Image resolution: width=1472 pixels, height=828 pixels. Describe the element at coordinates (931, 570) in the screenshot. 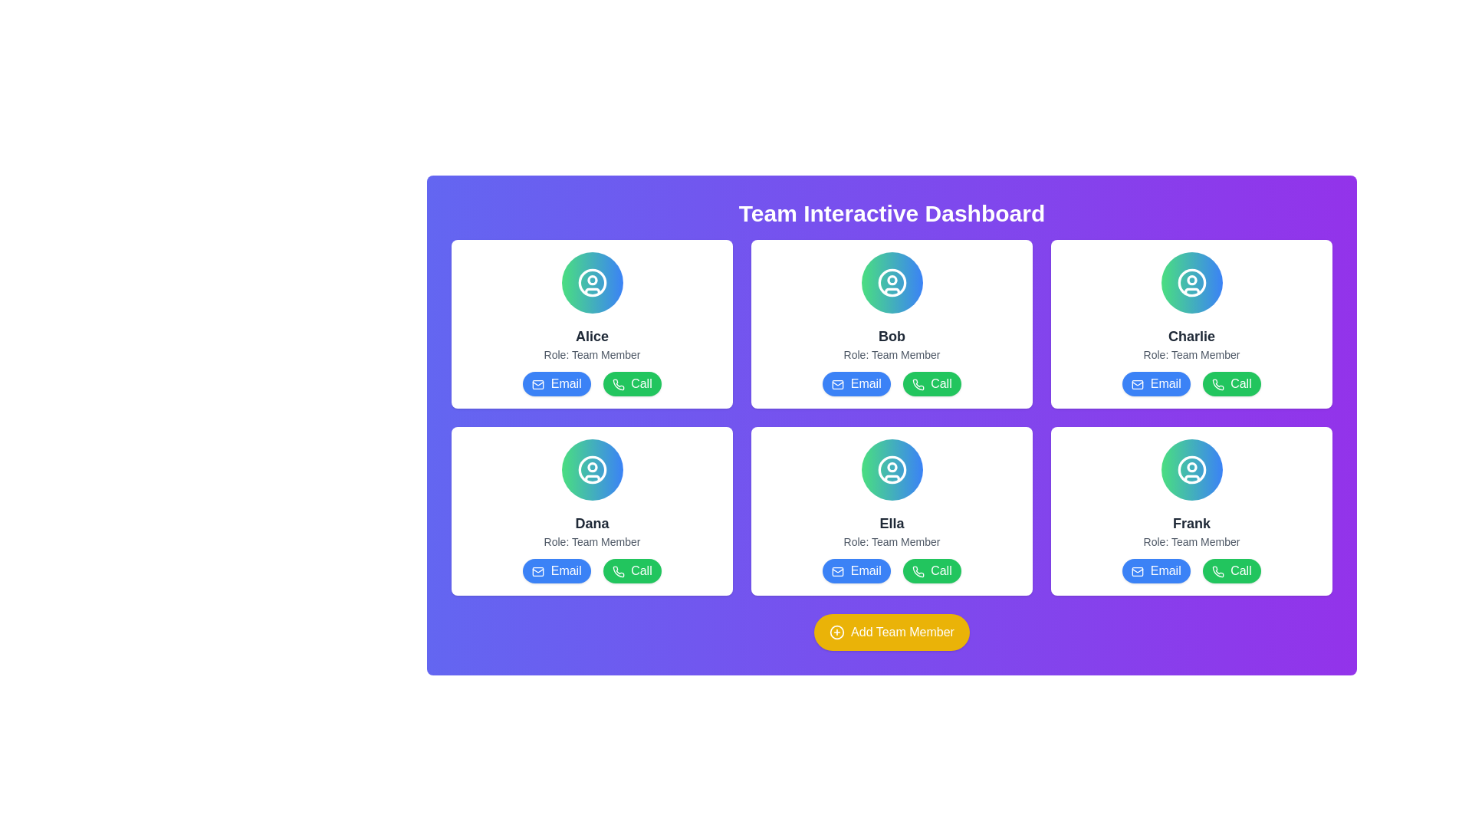

I see `the green 'Call' button with rounded edges and white text to initiate a call action` at that location.